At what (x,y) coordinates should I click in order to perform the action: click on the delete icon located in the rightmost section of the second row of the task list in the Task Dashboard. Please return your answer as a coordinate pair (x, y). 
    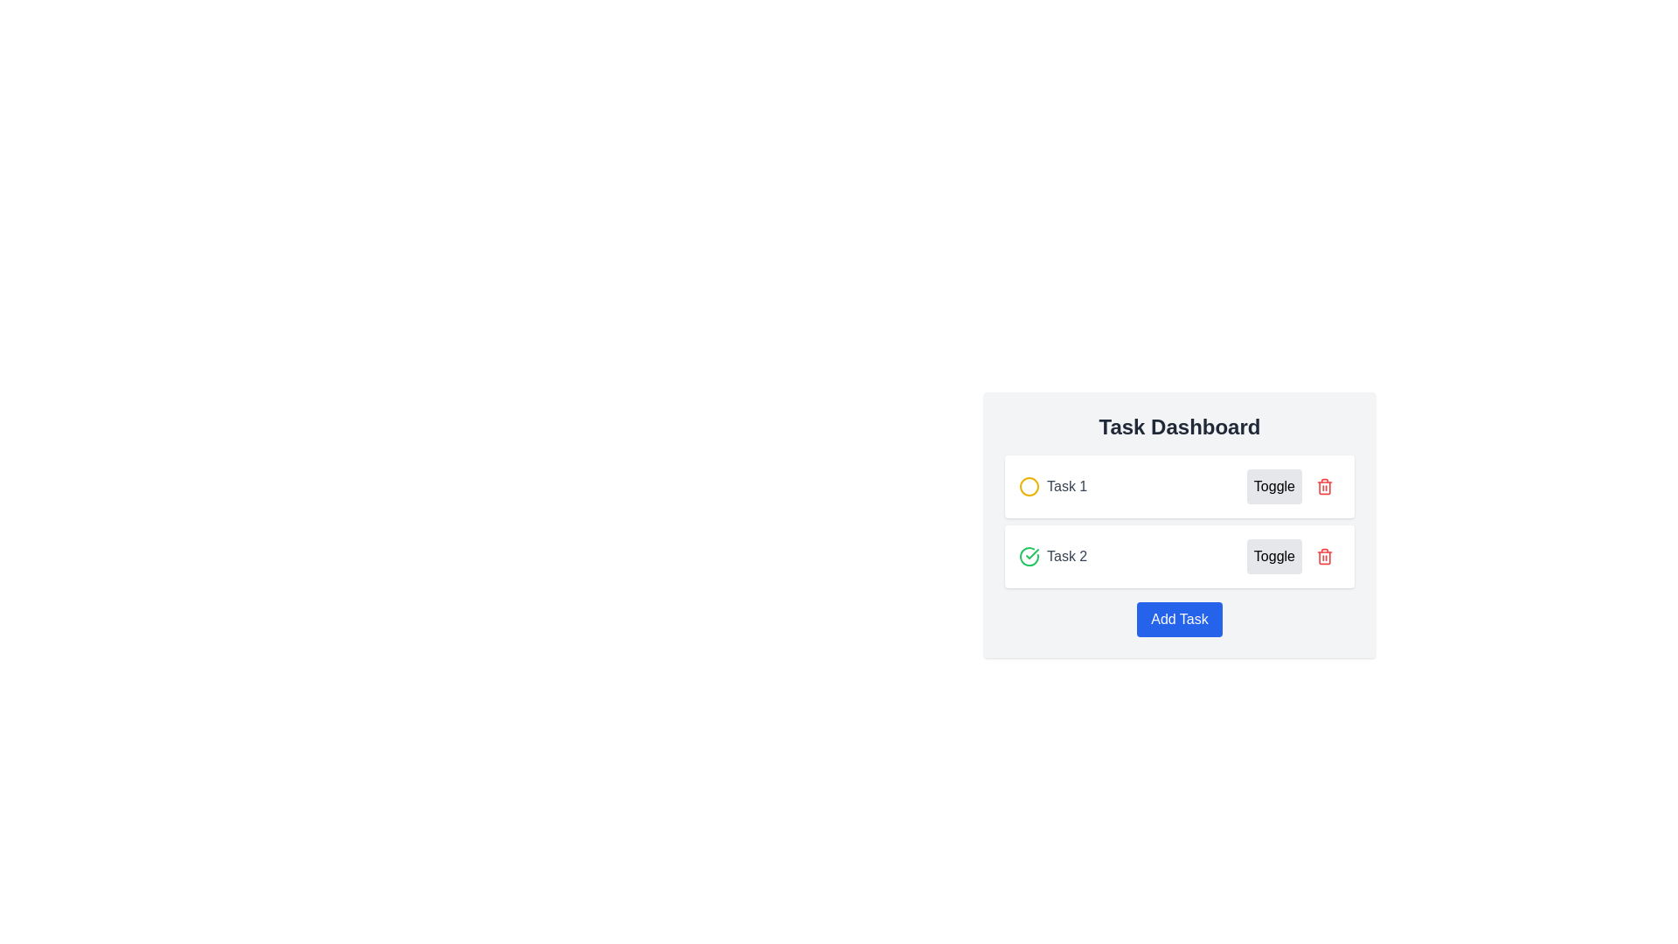
    Looking at the image, I should click on (1325, 556).